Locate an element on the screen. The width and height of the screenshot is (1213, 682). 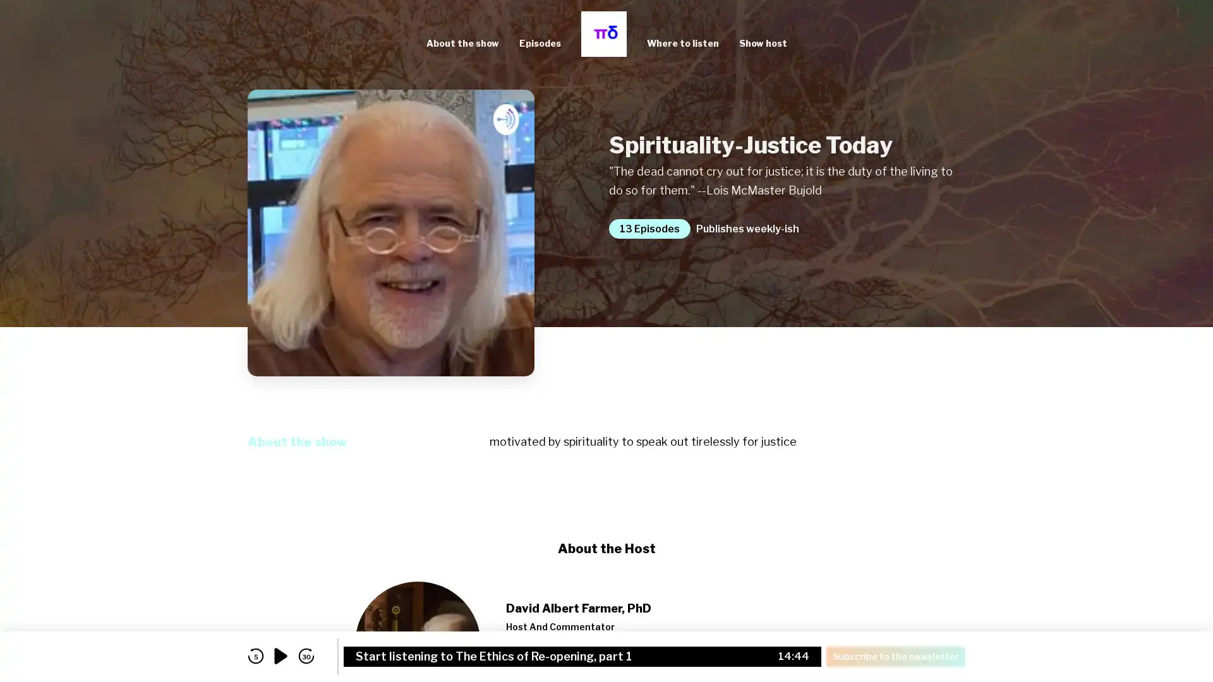
skip back 5 seconds is located at coordinates (255, 655).